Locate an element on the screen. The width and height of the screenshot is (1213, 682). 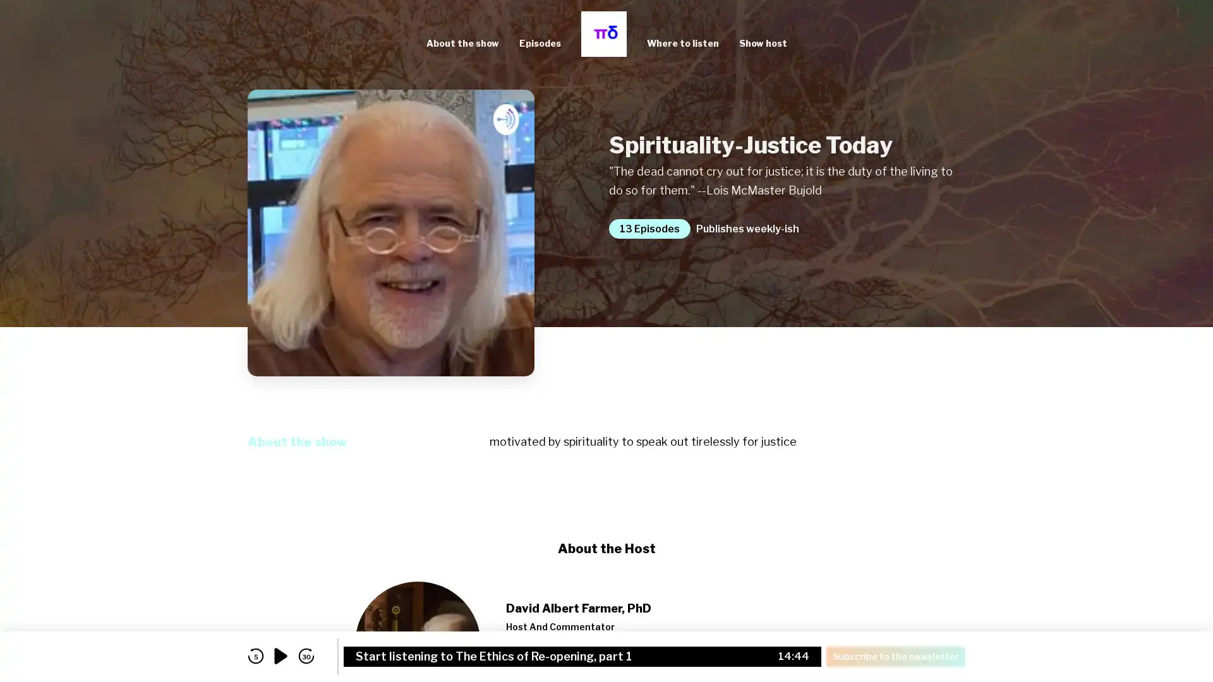
skip back 5 seconds is located at coordinates (255, 655).